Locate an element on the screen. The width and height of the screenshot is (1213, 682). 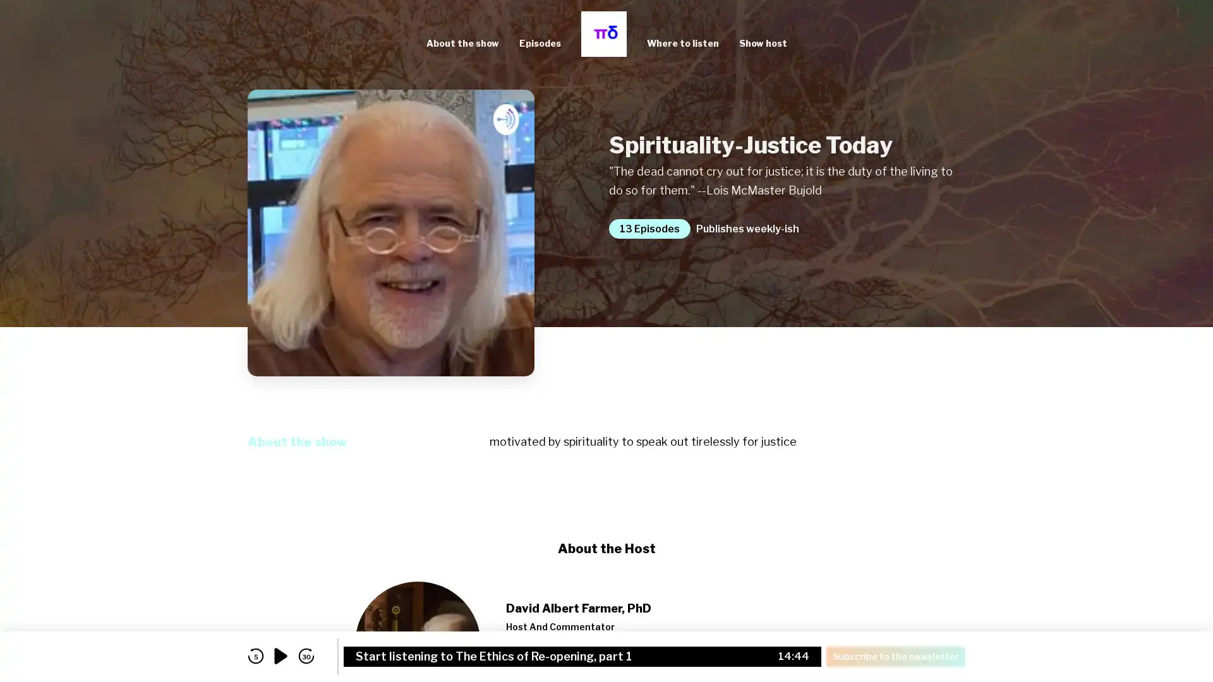
skip back 5 seconds is located at coordinates (255, 655).